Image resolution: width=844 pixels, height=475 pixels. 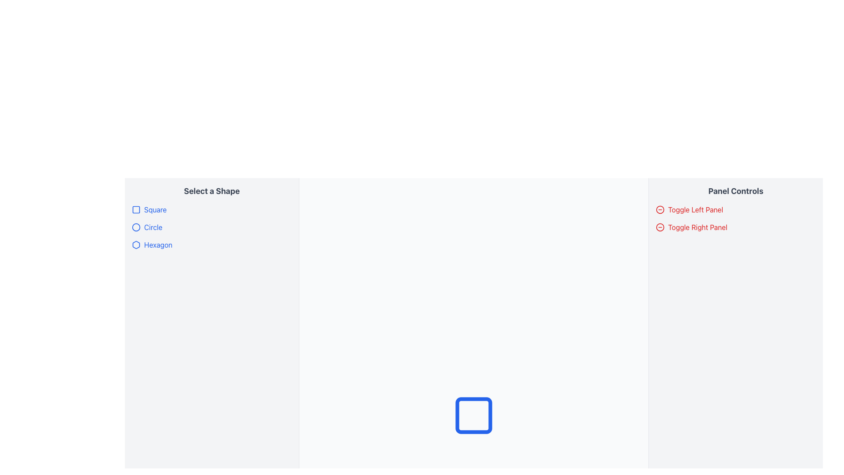 What do you see at coordinates (152, 245) in the screenshot?
I see `the 'Hexagon' button` at bounding box center [152, 245].